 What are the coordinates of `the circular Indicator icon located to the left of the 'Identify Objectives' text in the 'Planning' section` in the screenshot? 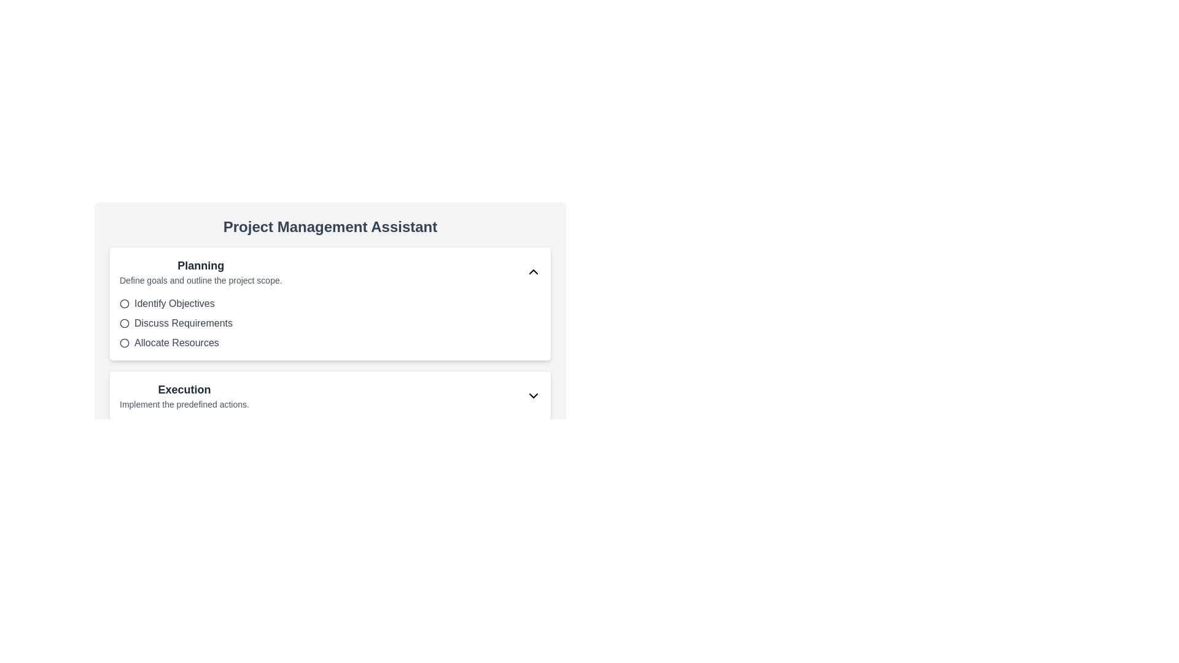 It's located at (124, 303).